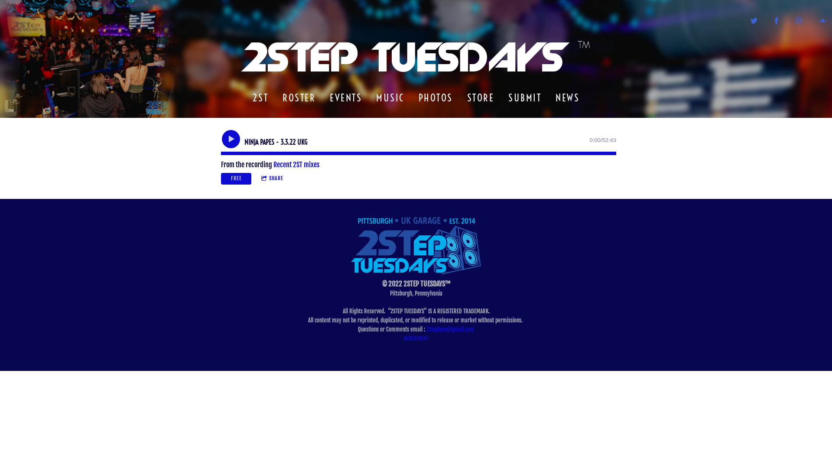 Image resolution: width=832 pixels, height=468 pixels. Describe the element at coordinates (568, 97) in the screenshot. I see `'NEWS'` at that location.